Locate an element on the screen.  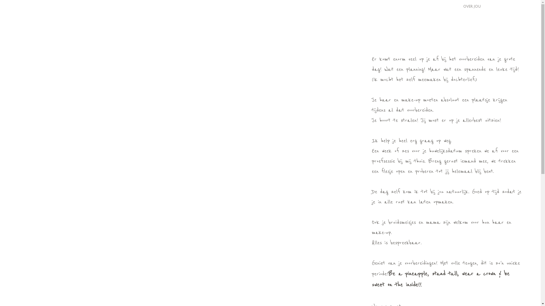
'HOME' is located at coordinates (378, 7).